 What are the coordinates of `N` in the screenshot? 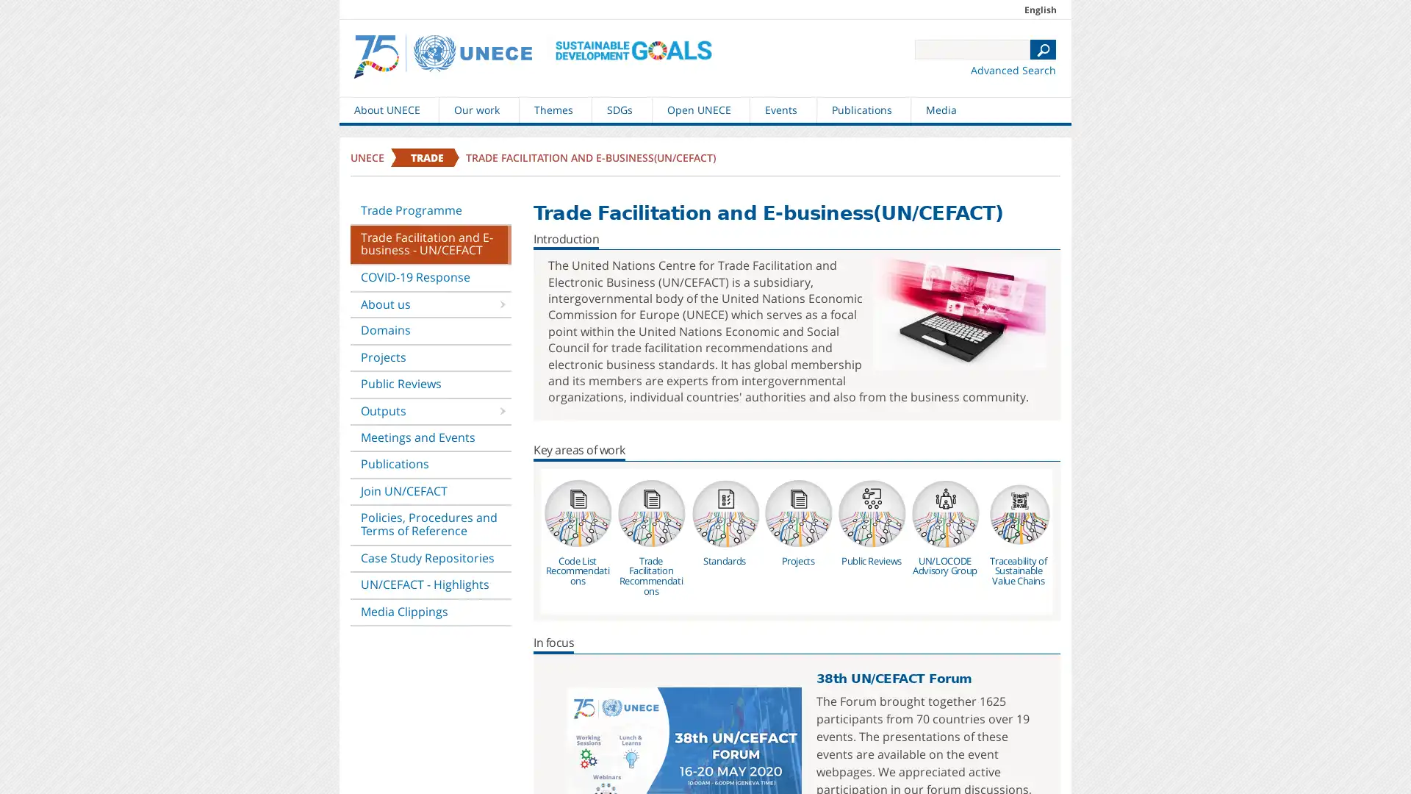 It's located at (1042, 49).